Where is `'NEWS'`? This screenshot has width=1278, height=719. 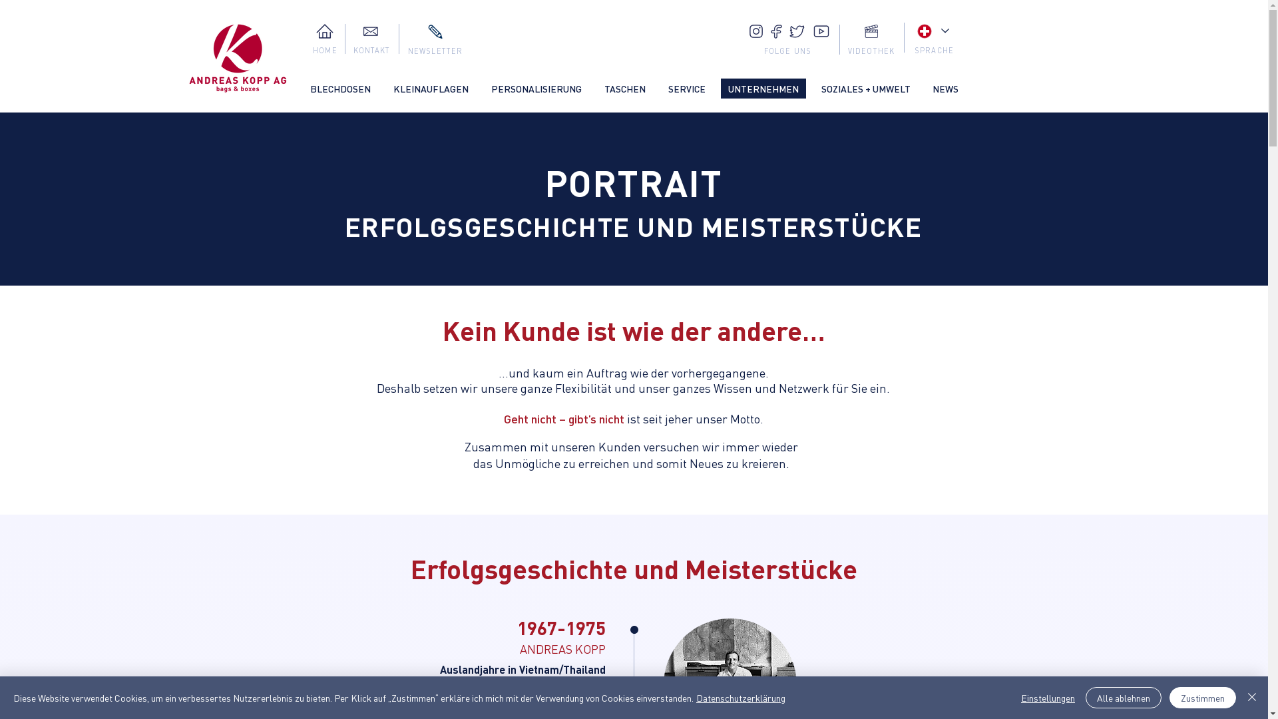 'NEWS' is located at coordinates (945, 88).